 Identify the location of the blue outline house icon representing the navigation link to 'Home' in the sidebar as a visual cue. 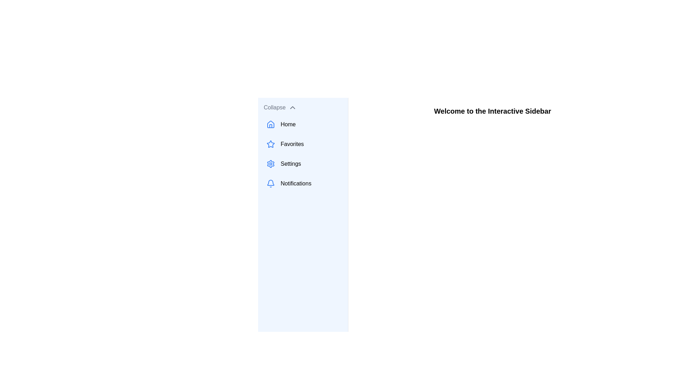
(270, 124).